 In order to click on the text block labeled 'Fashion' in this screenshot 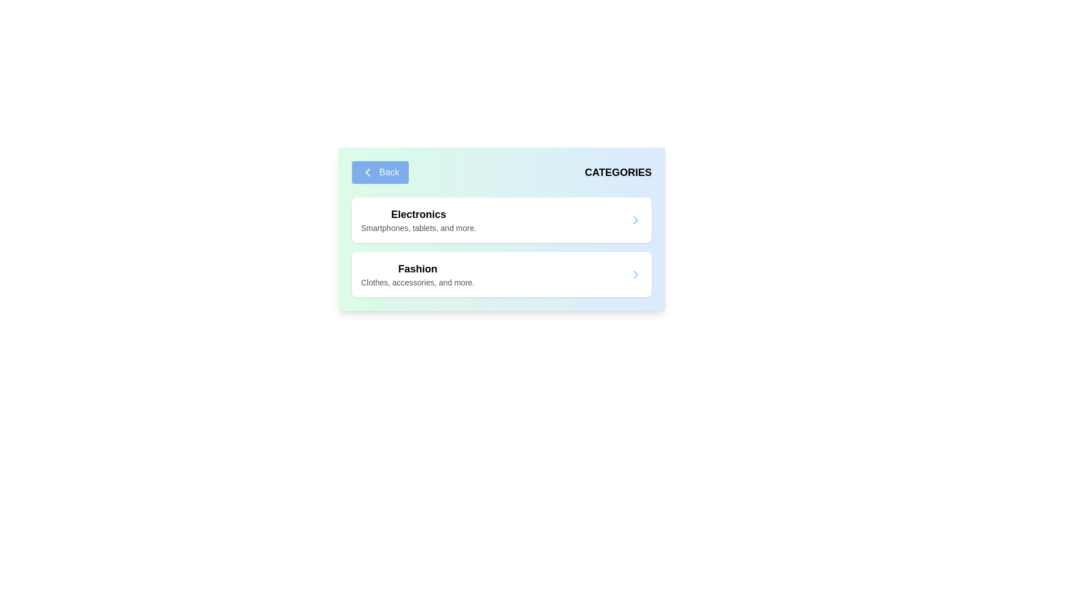, I will do `click(417, 274)`.